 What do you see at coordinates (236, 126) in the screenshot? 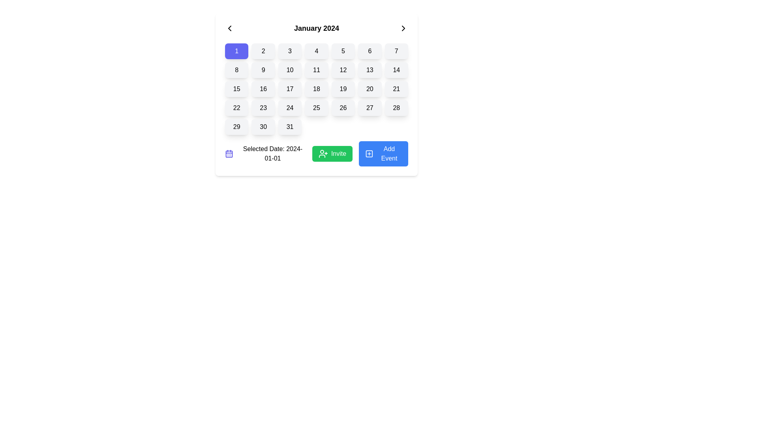
I see `the calendar cell representing the date '29', located in the sixth row and first column of the calendar grid` at bounding box center [236, 126].